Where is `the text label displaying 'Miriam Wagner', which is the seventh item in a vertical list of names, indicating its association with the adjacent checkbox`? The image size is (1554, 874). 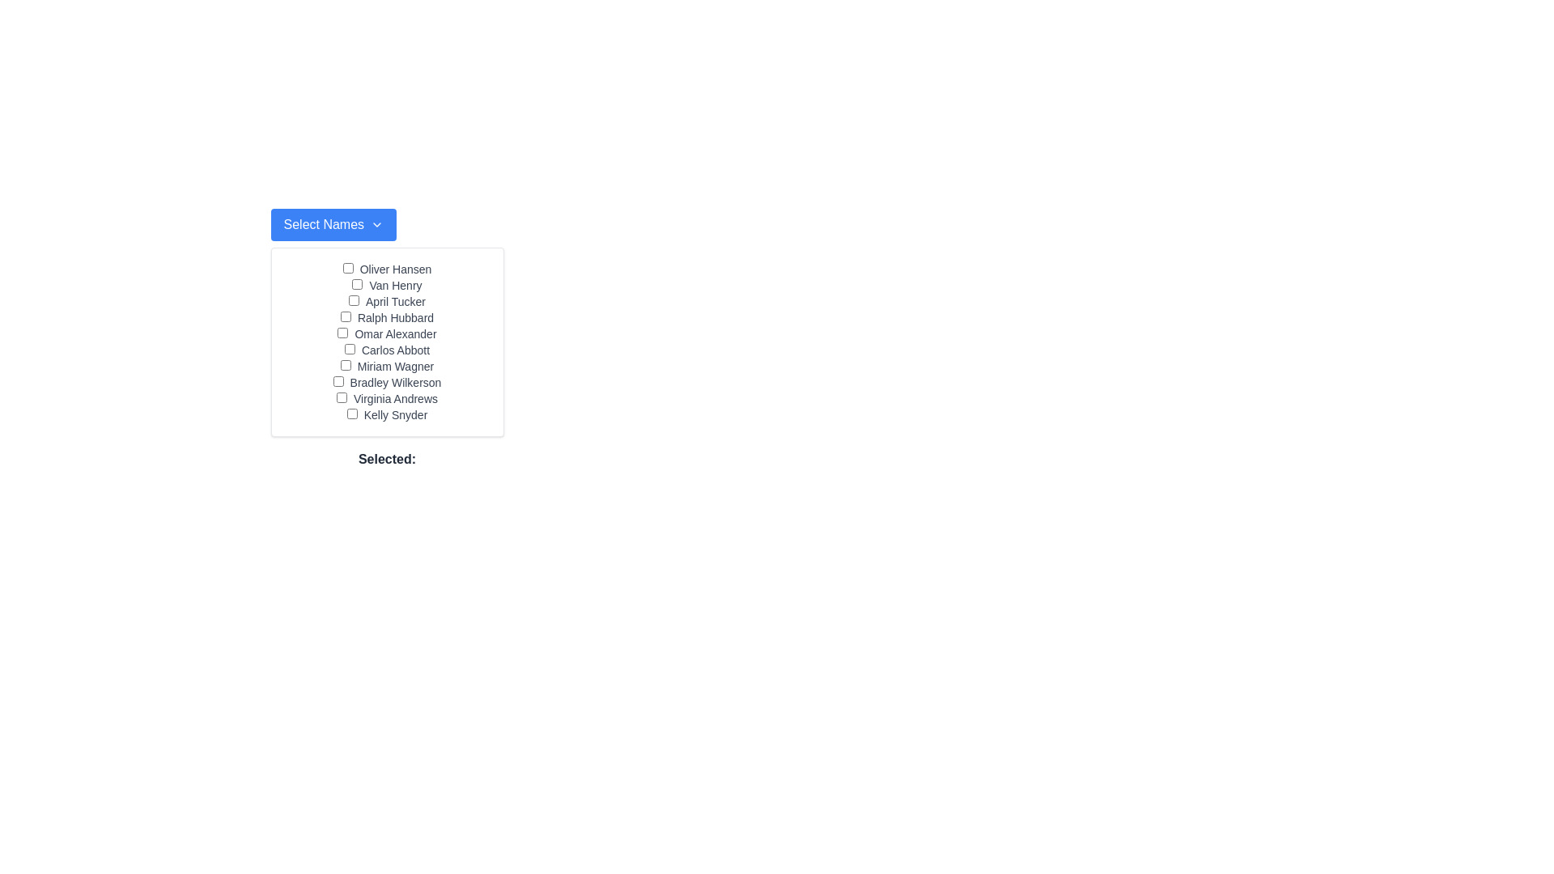 the text label displaying 'Miriam Wagner', which is the seventh item in a vertical list of names, indicating its association with the adjacent checkbox is located at coordinates (386, 366).